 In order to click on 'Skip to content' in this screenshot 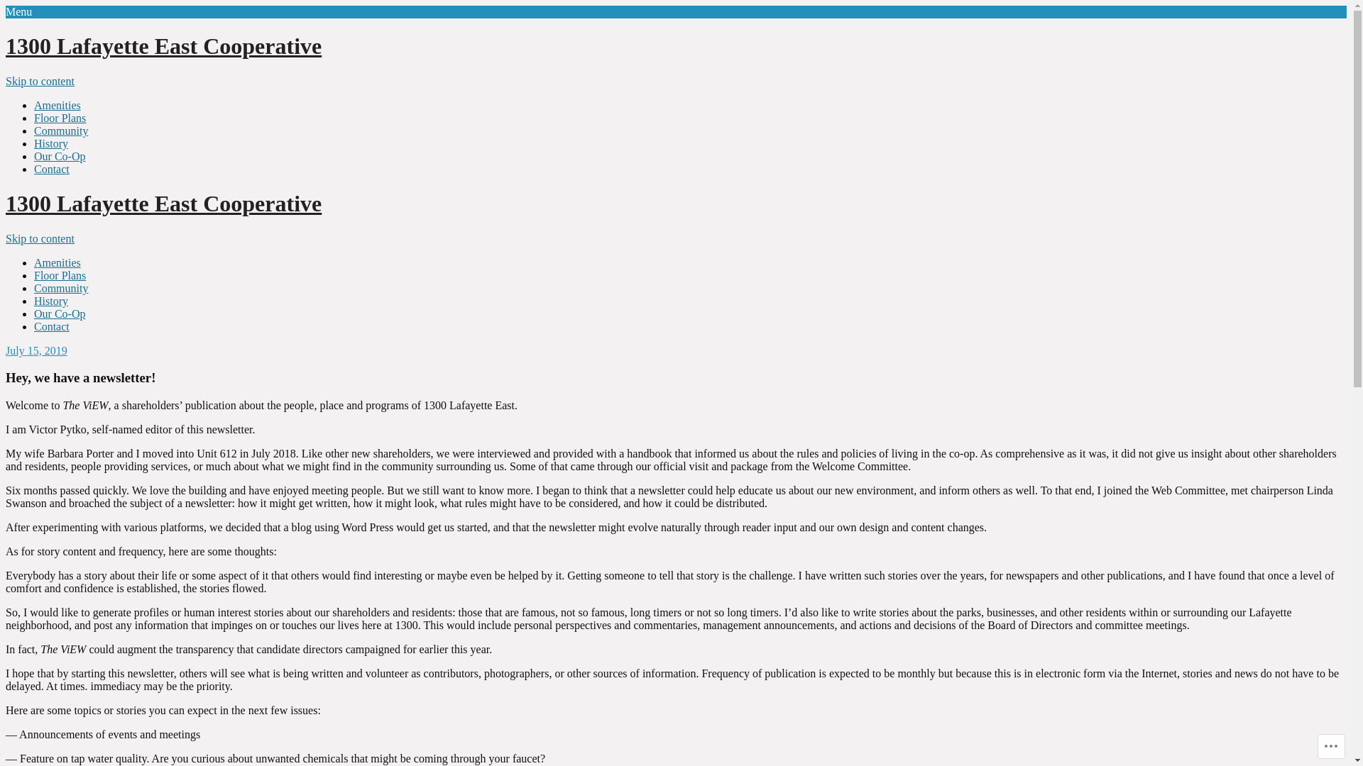, I will do `click(40, 81)`.